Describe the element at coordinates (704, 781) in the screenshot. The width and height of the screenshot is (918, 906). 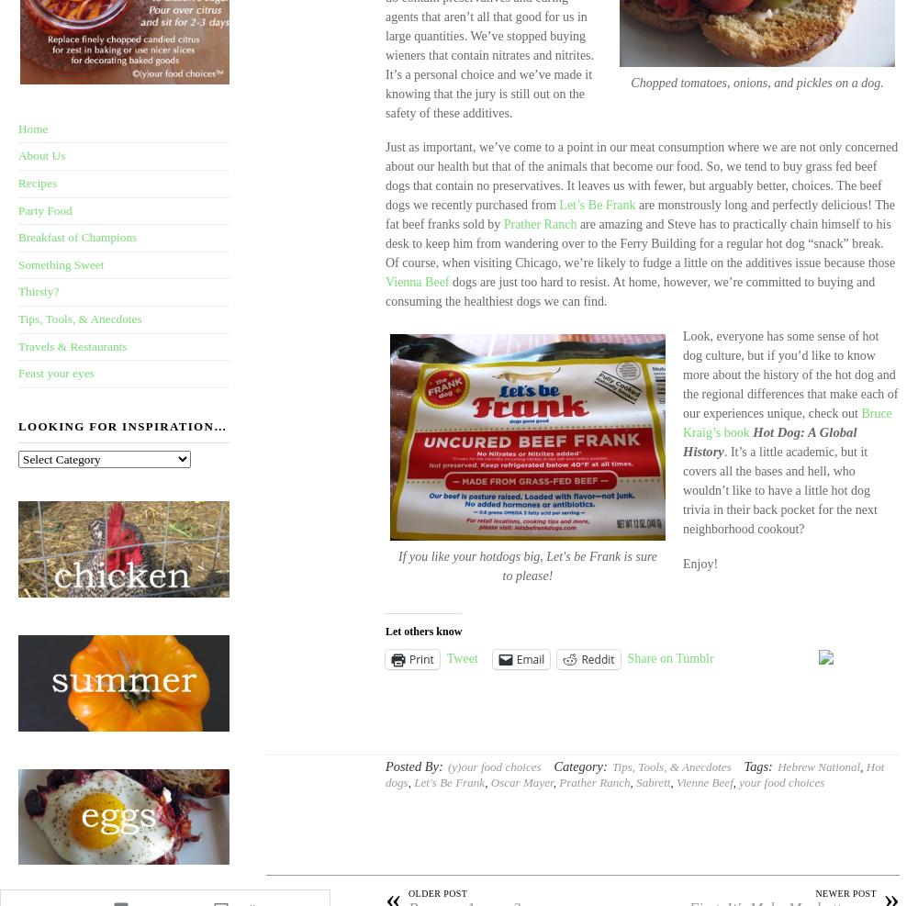
I see `'Vienne Beef'` at that location.